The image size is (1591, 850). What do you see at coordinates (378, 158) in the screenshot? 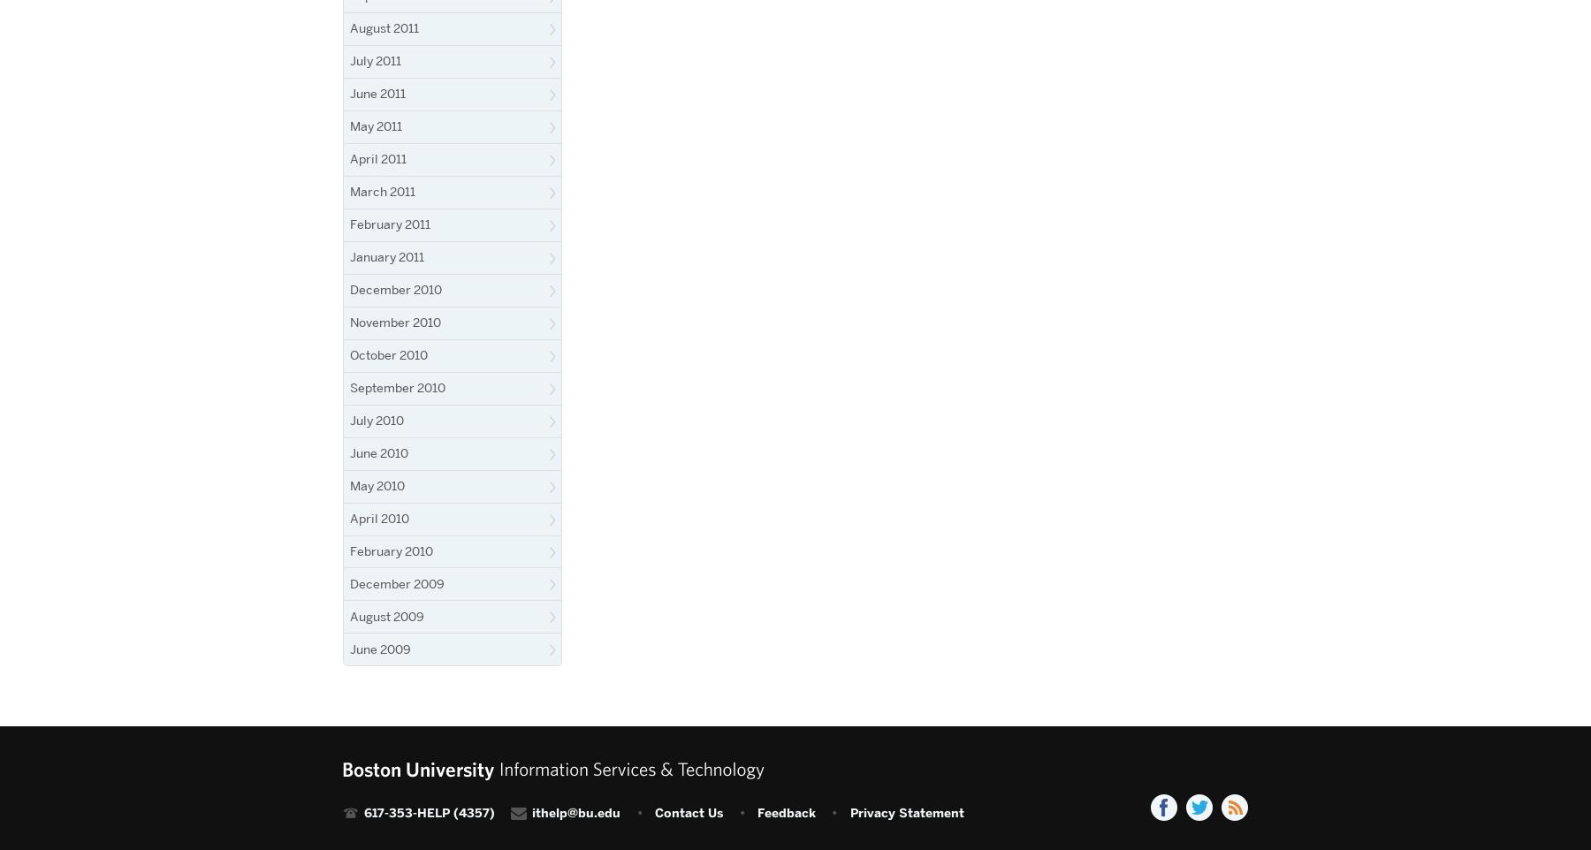
I see `'April 2011'` at bounding box center [378, 158].